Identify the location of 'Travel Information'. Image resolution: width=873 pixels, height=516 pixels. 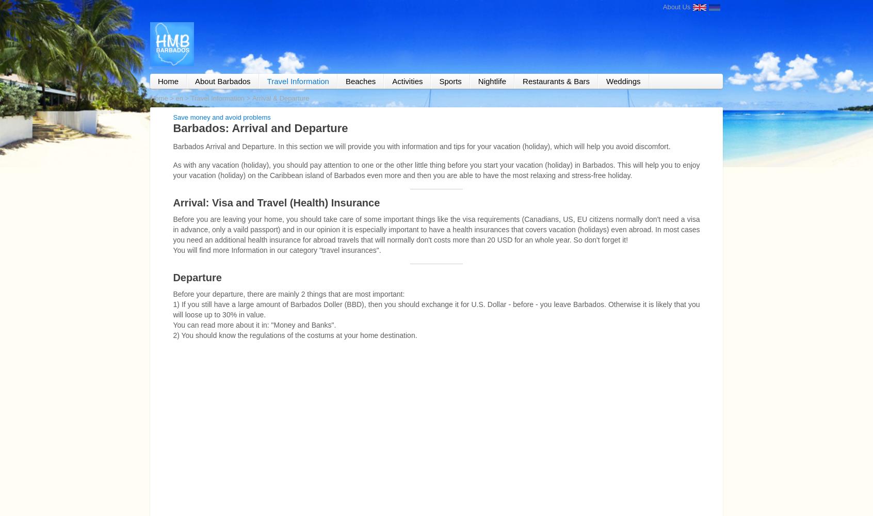
(217, 97).